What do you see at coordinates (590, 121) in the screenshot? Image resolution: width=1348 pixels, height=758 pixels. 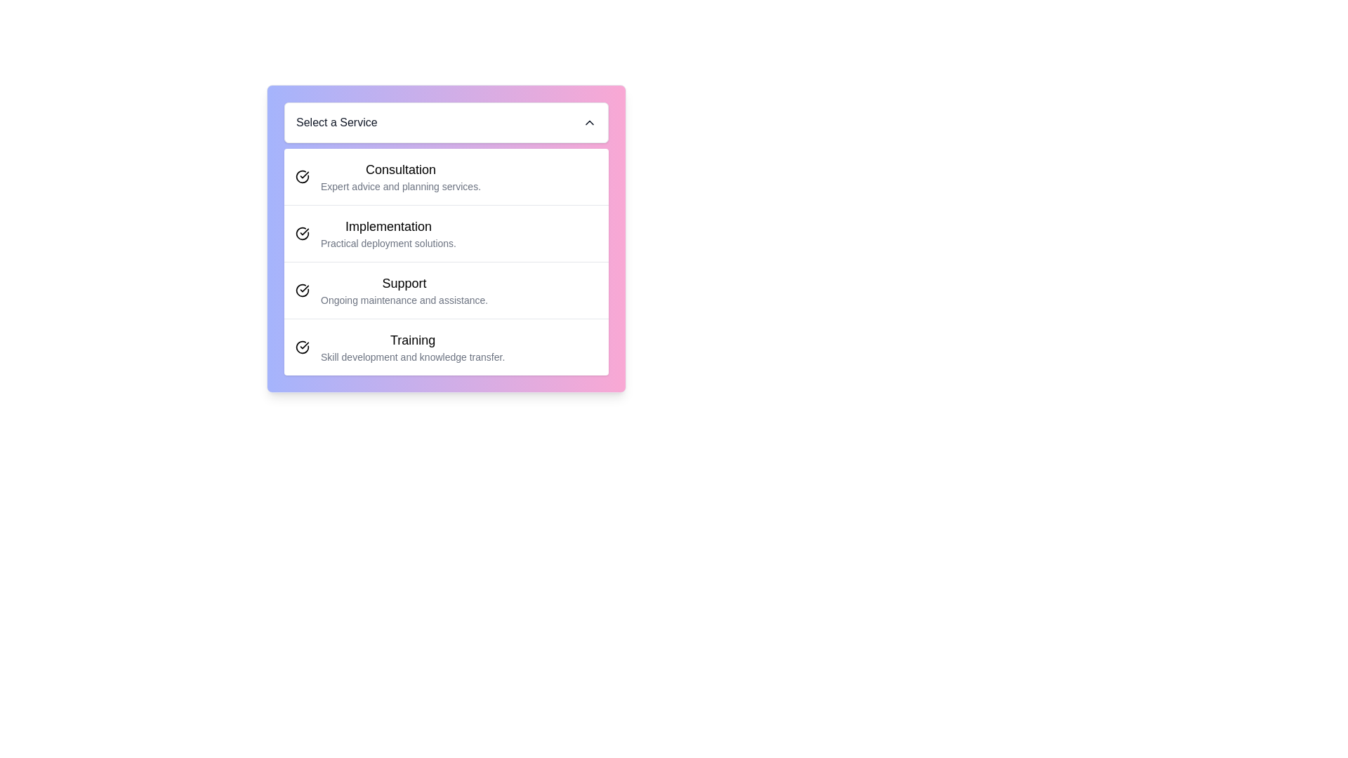 I see `the upward-facing chevron icon located at the far right of the 'Select a Service' dropdown title` at bounding box center [590, 121].